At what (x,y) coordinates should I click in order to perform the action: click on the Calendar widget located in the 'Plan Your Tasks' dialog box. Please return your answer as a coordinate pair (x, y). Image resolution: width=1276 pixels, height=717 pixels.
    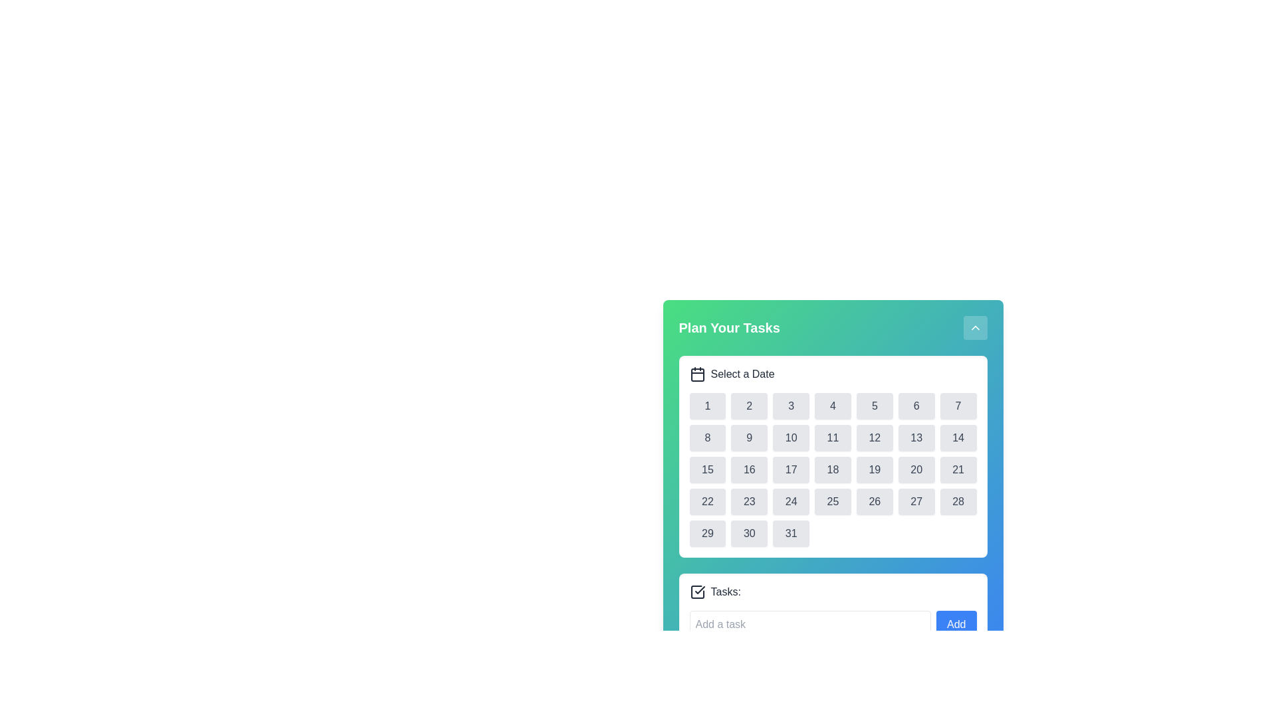
    Looking at the image, I should click on (832, 455).